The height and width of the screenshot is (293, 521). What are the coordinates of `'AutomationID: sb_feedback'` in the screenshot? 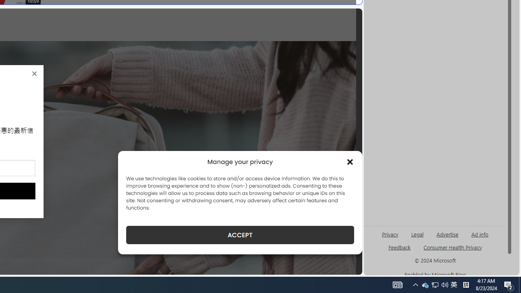 It's located at (399, 247).